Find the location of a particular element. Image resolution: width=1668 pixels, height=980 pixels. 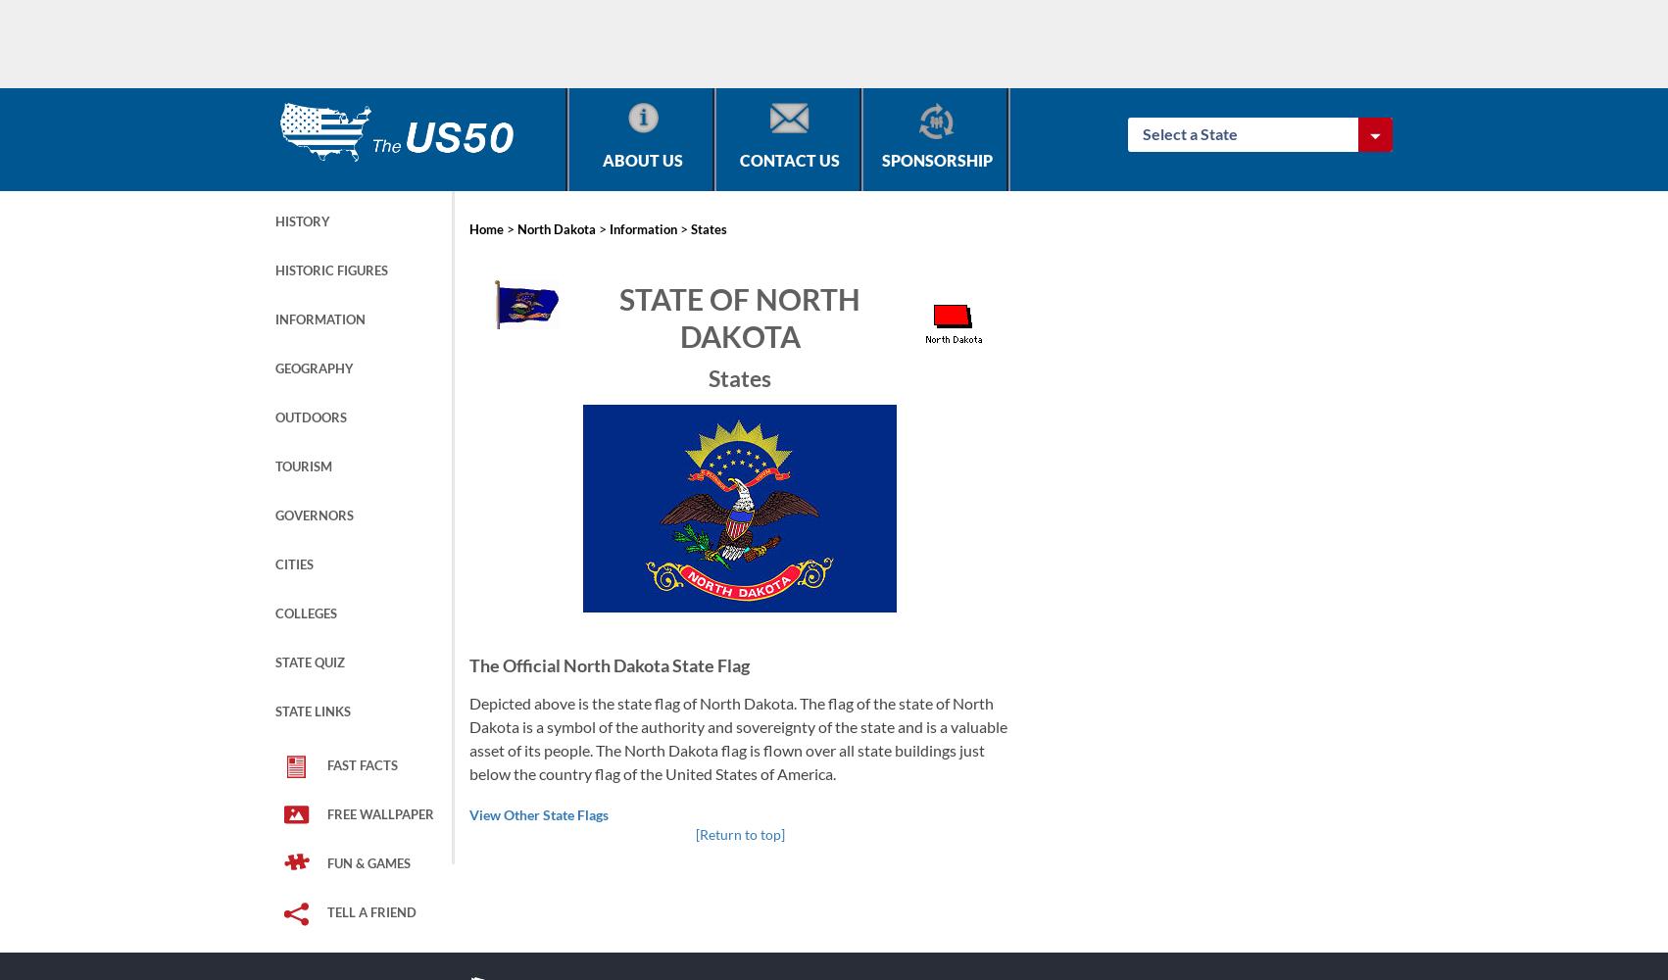

'Outdoors' is located at coordinates (274, 417).